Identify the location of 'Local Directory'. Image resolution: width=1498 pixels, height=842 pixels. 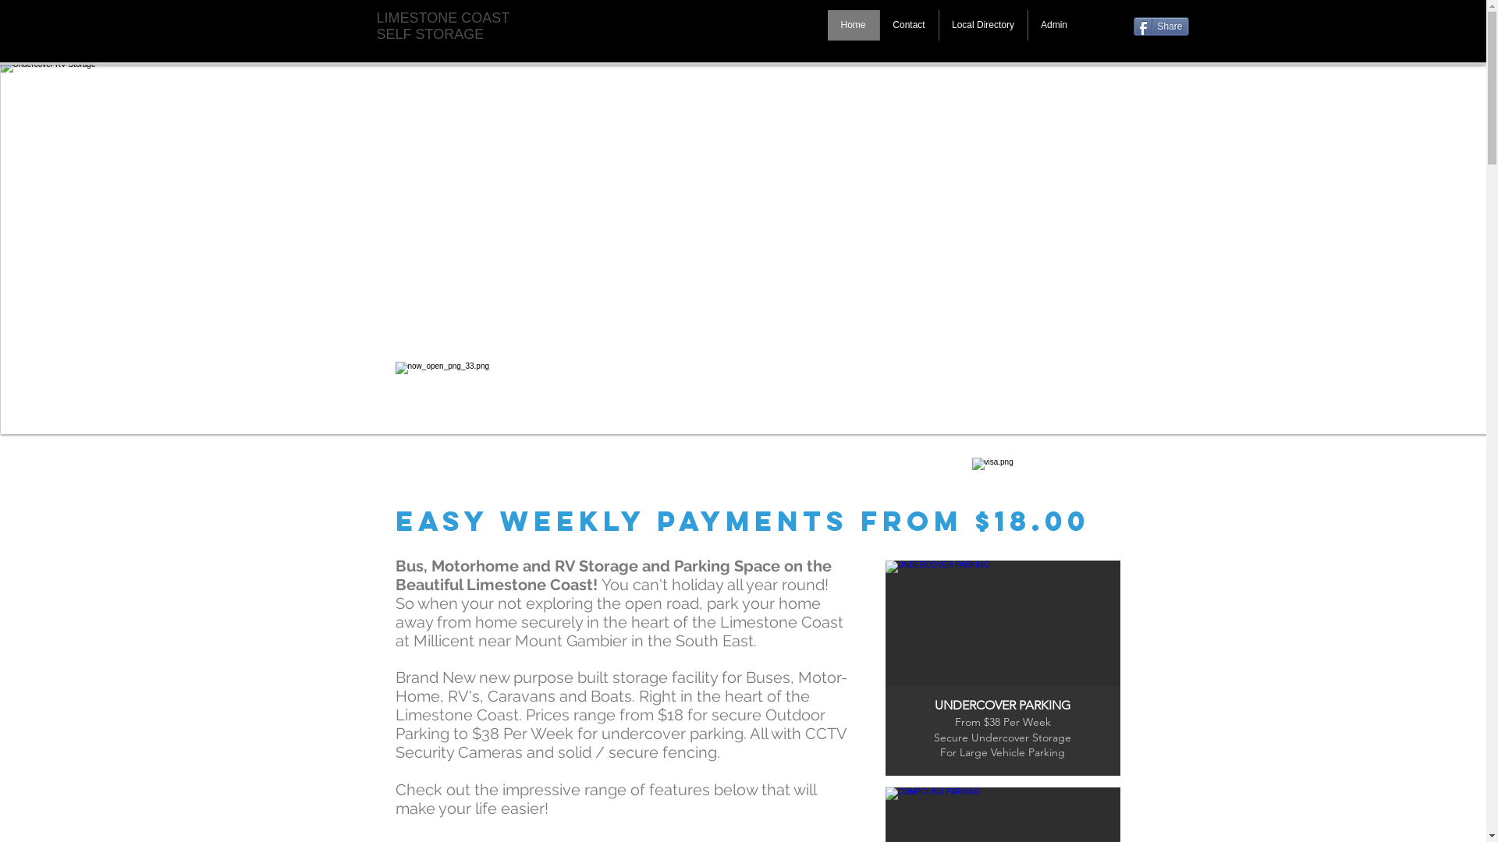
(981, 25).